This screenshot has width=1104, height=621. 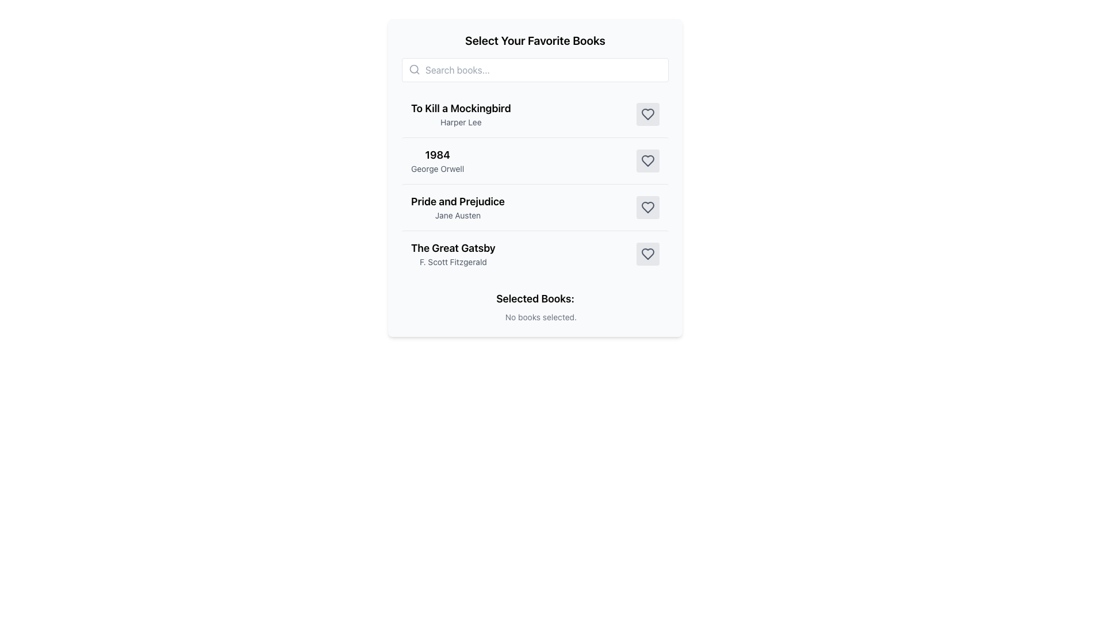 What do you see at coordinates (437, 161) in the screenshot?
I see `the text label displaying '1984' by George Orwell, which is the second item in a vertical list of books` at bounding box center [437, 161].